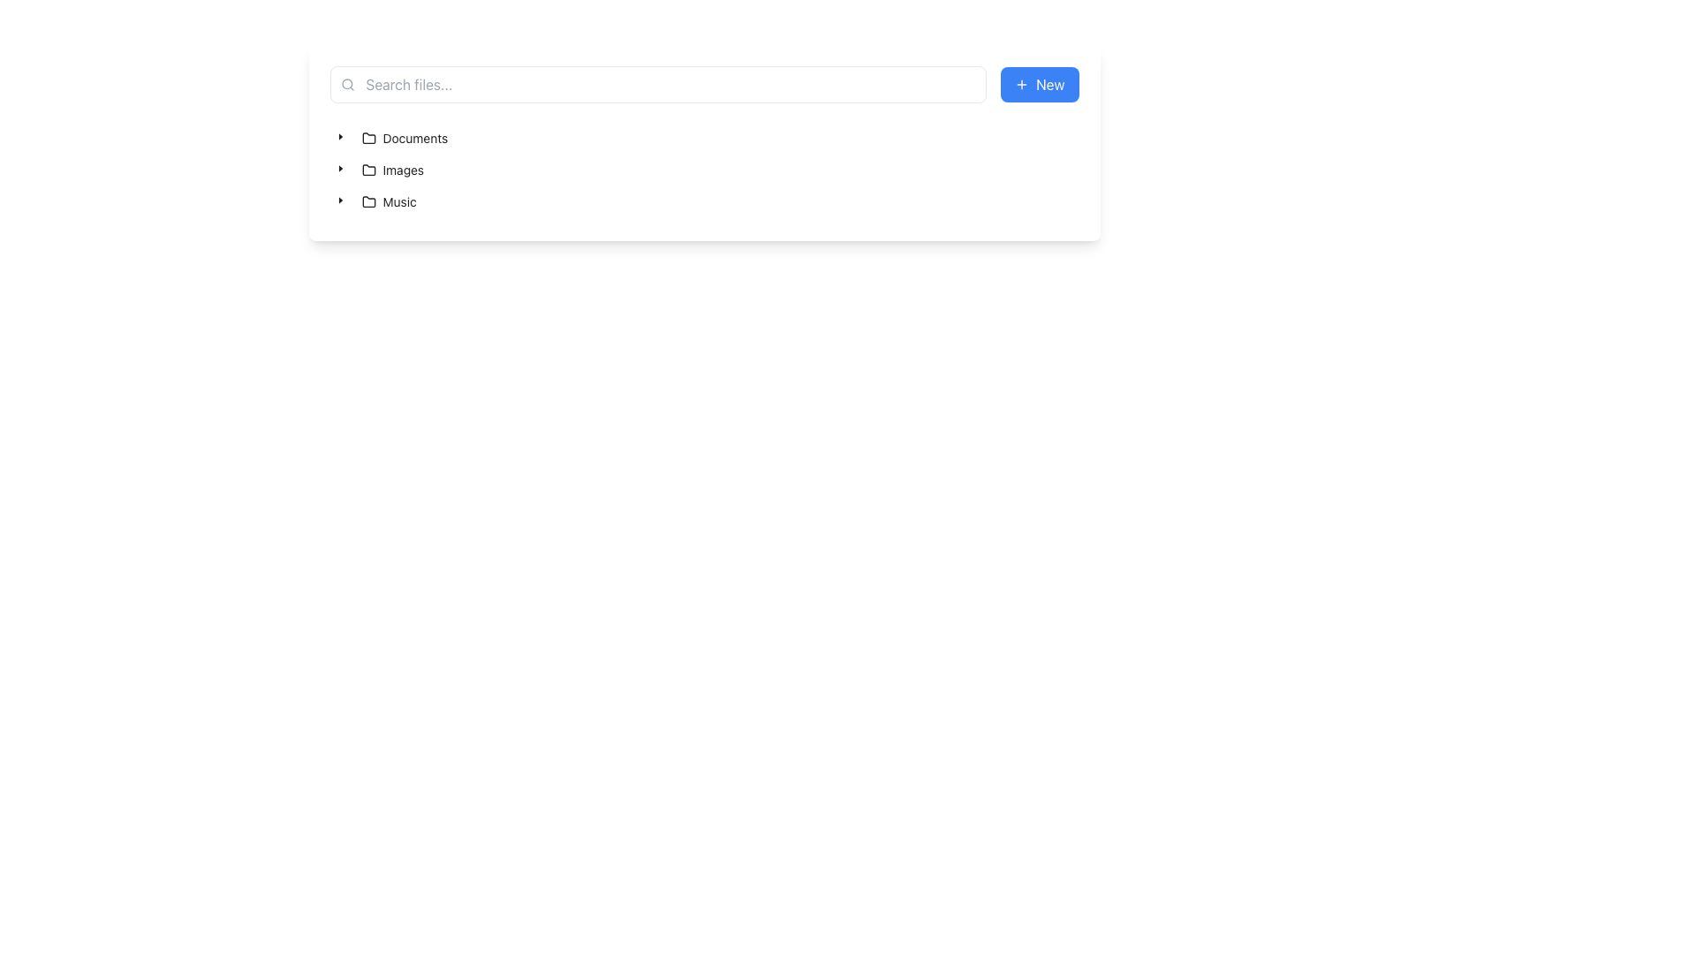  Describe the element at coordinates (367, 201) in the screenshot. I see `the folder icon representing the 'Music' label, located in the left panel under the 'Music' section, positioned in the third row preceding the text label 'Music'` at that location.